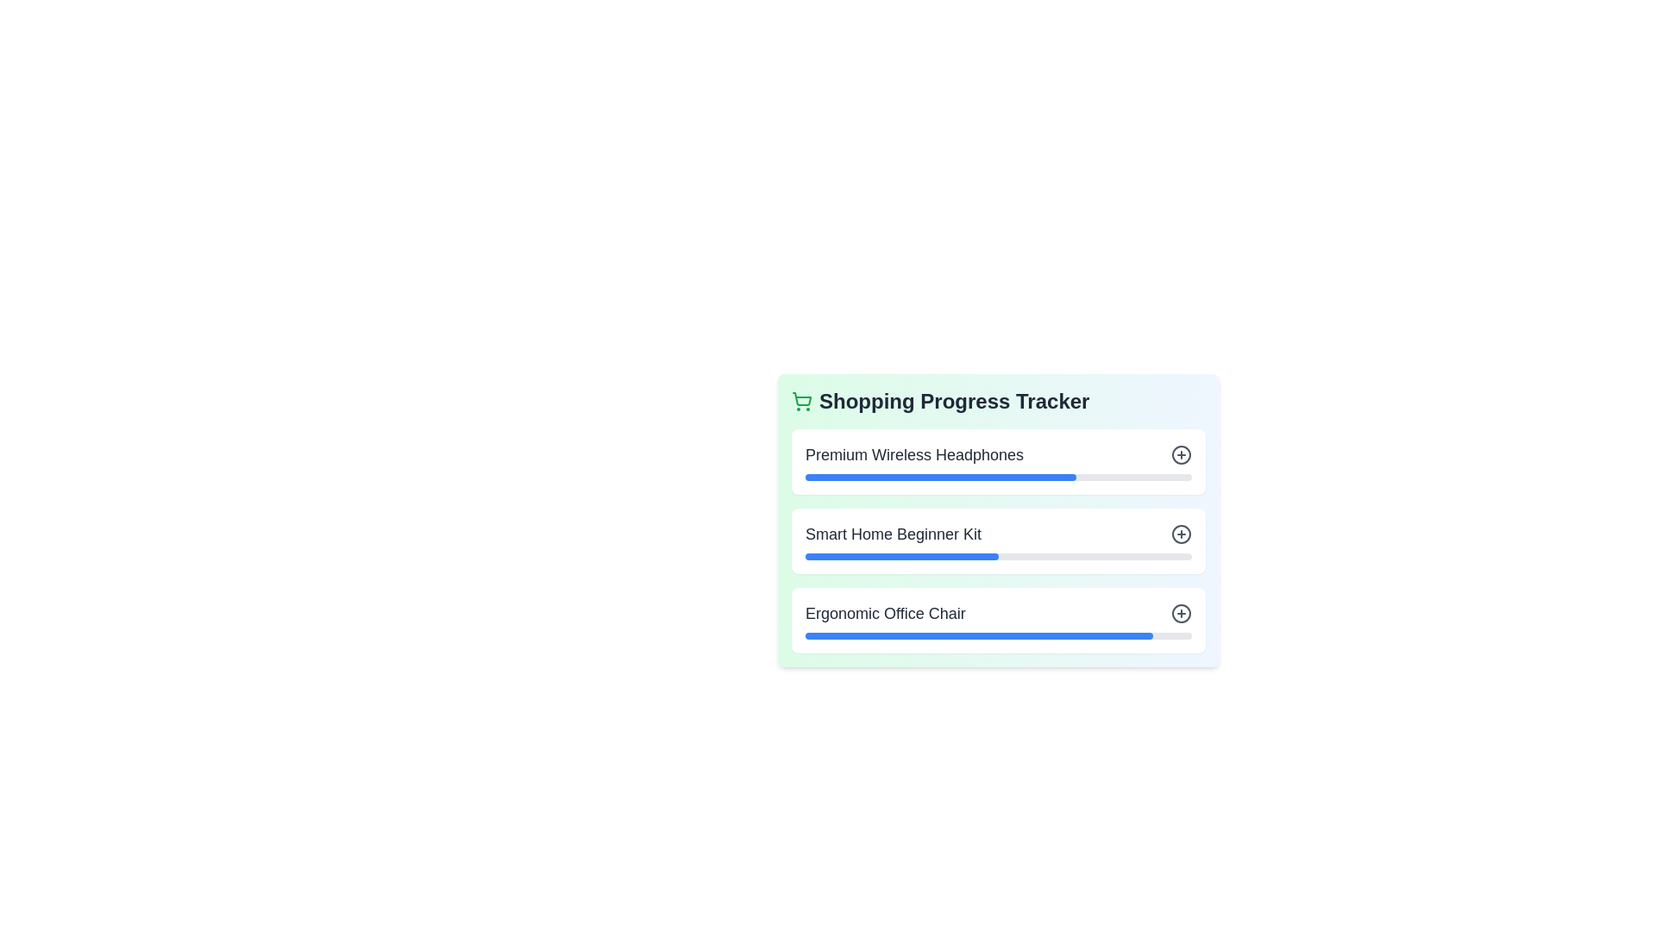  Describe the element at coordinates (801, 402) in the screenshot. I see `the shopping cart icon, which is green and located at the far left of the 'Shopping Progress Tracker' header` at that location.